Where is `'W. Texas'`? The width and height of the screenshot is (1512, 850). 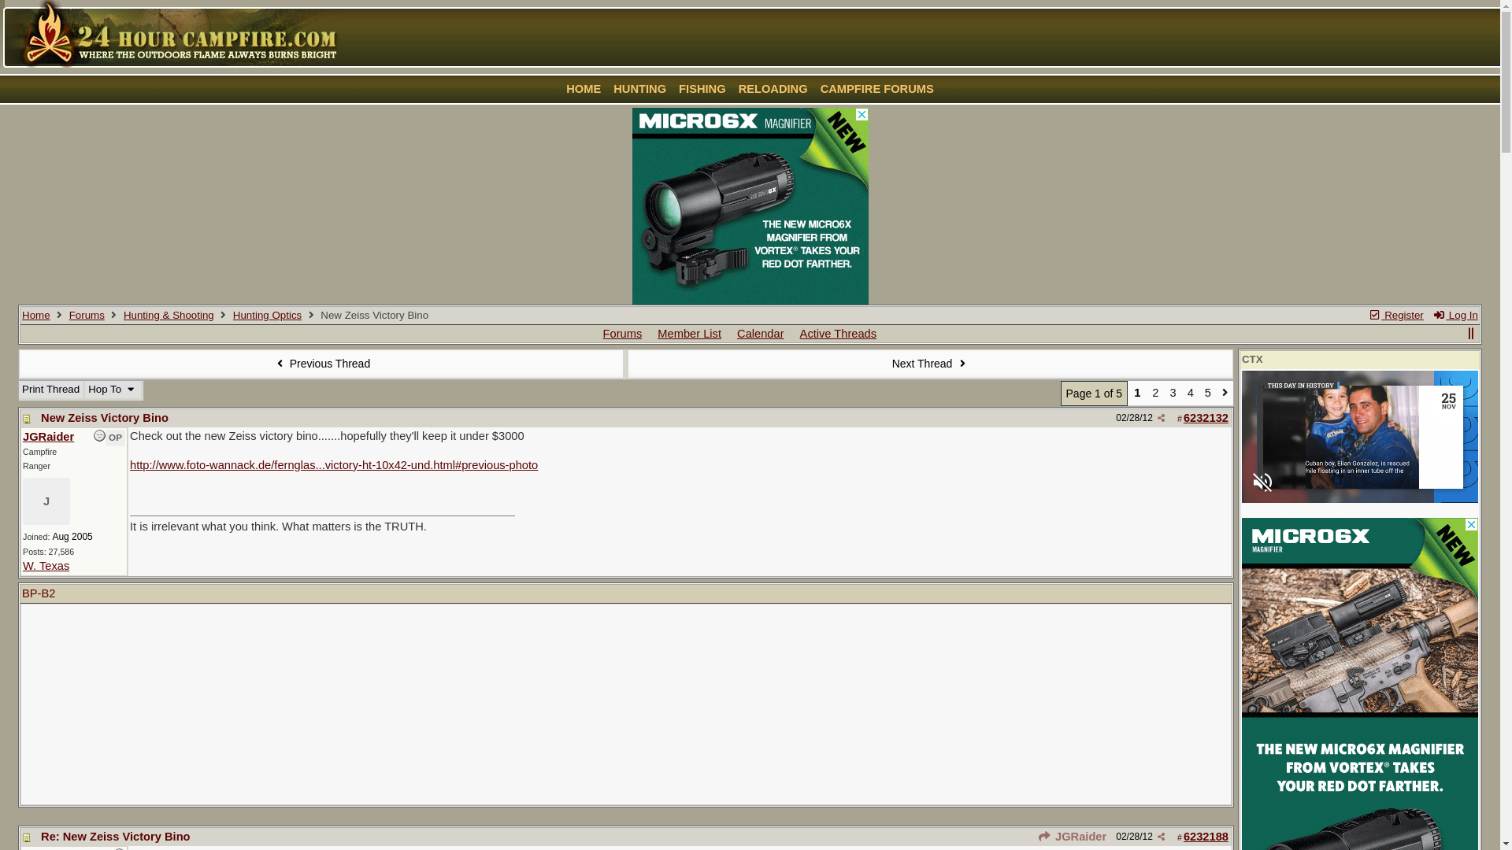
'W. Texas' is located at coordinates (46, 564).